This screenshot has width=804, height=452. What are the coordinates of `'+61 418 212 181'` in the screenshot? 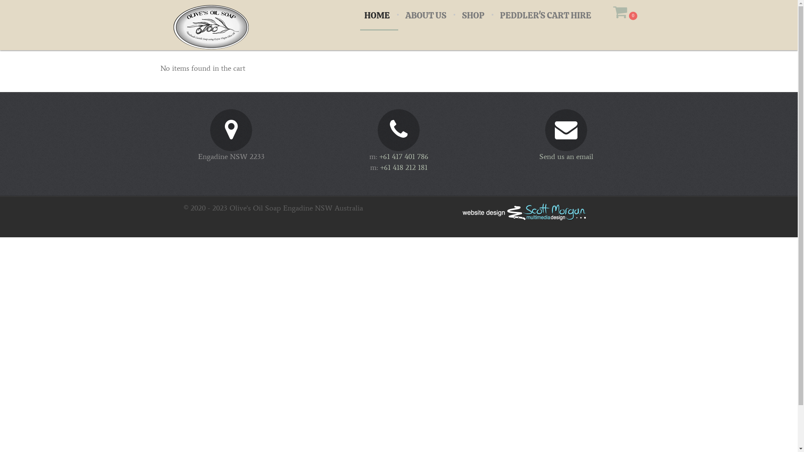 It's located at (404, 167).